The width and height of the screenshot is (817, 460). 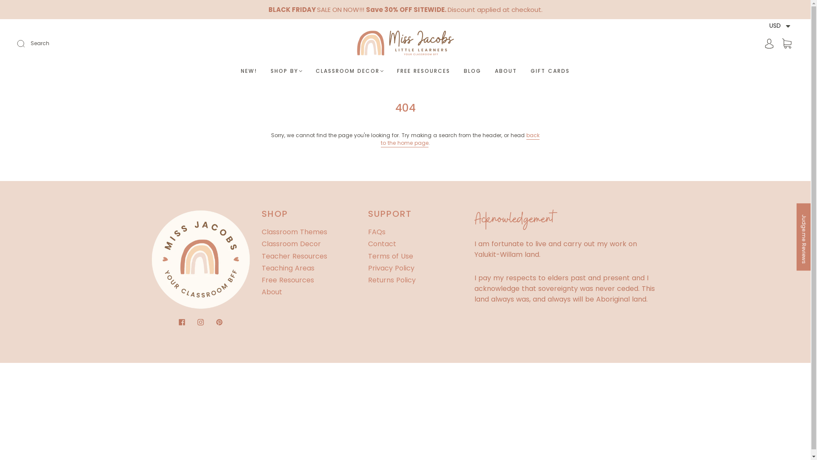 What do you see at coordinates (396, 70) in the screenshot?
I see `'FREE RESOURCES'` at bounding box center [396, 70].